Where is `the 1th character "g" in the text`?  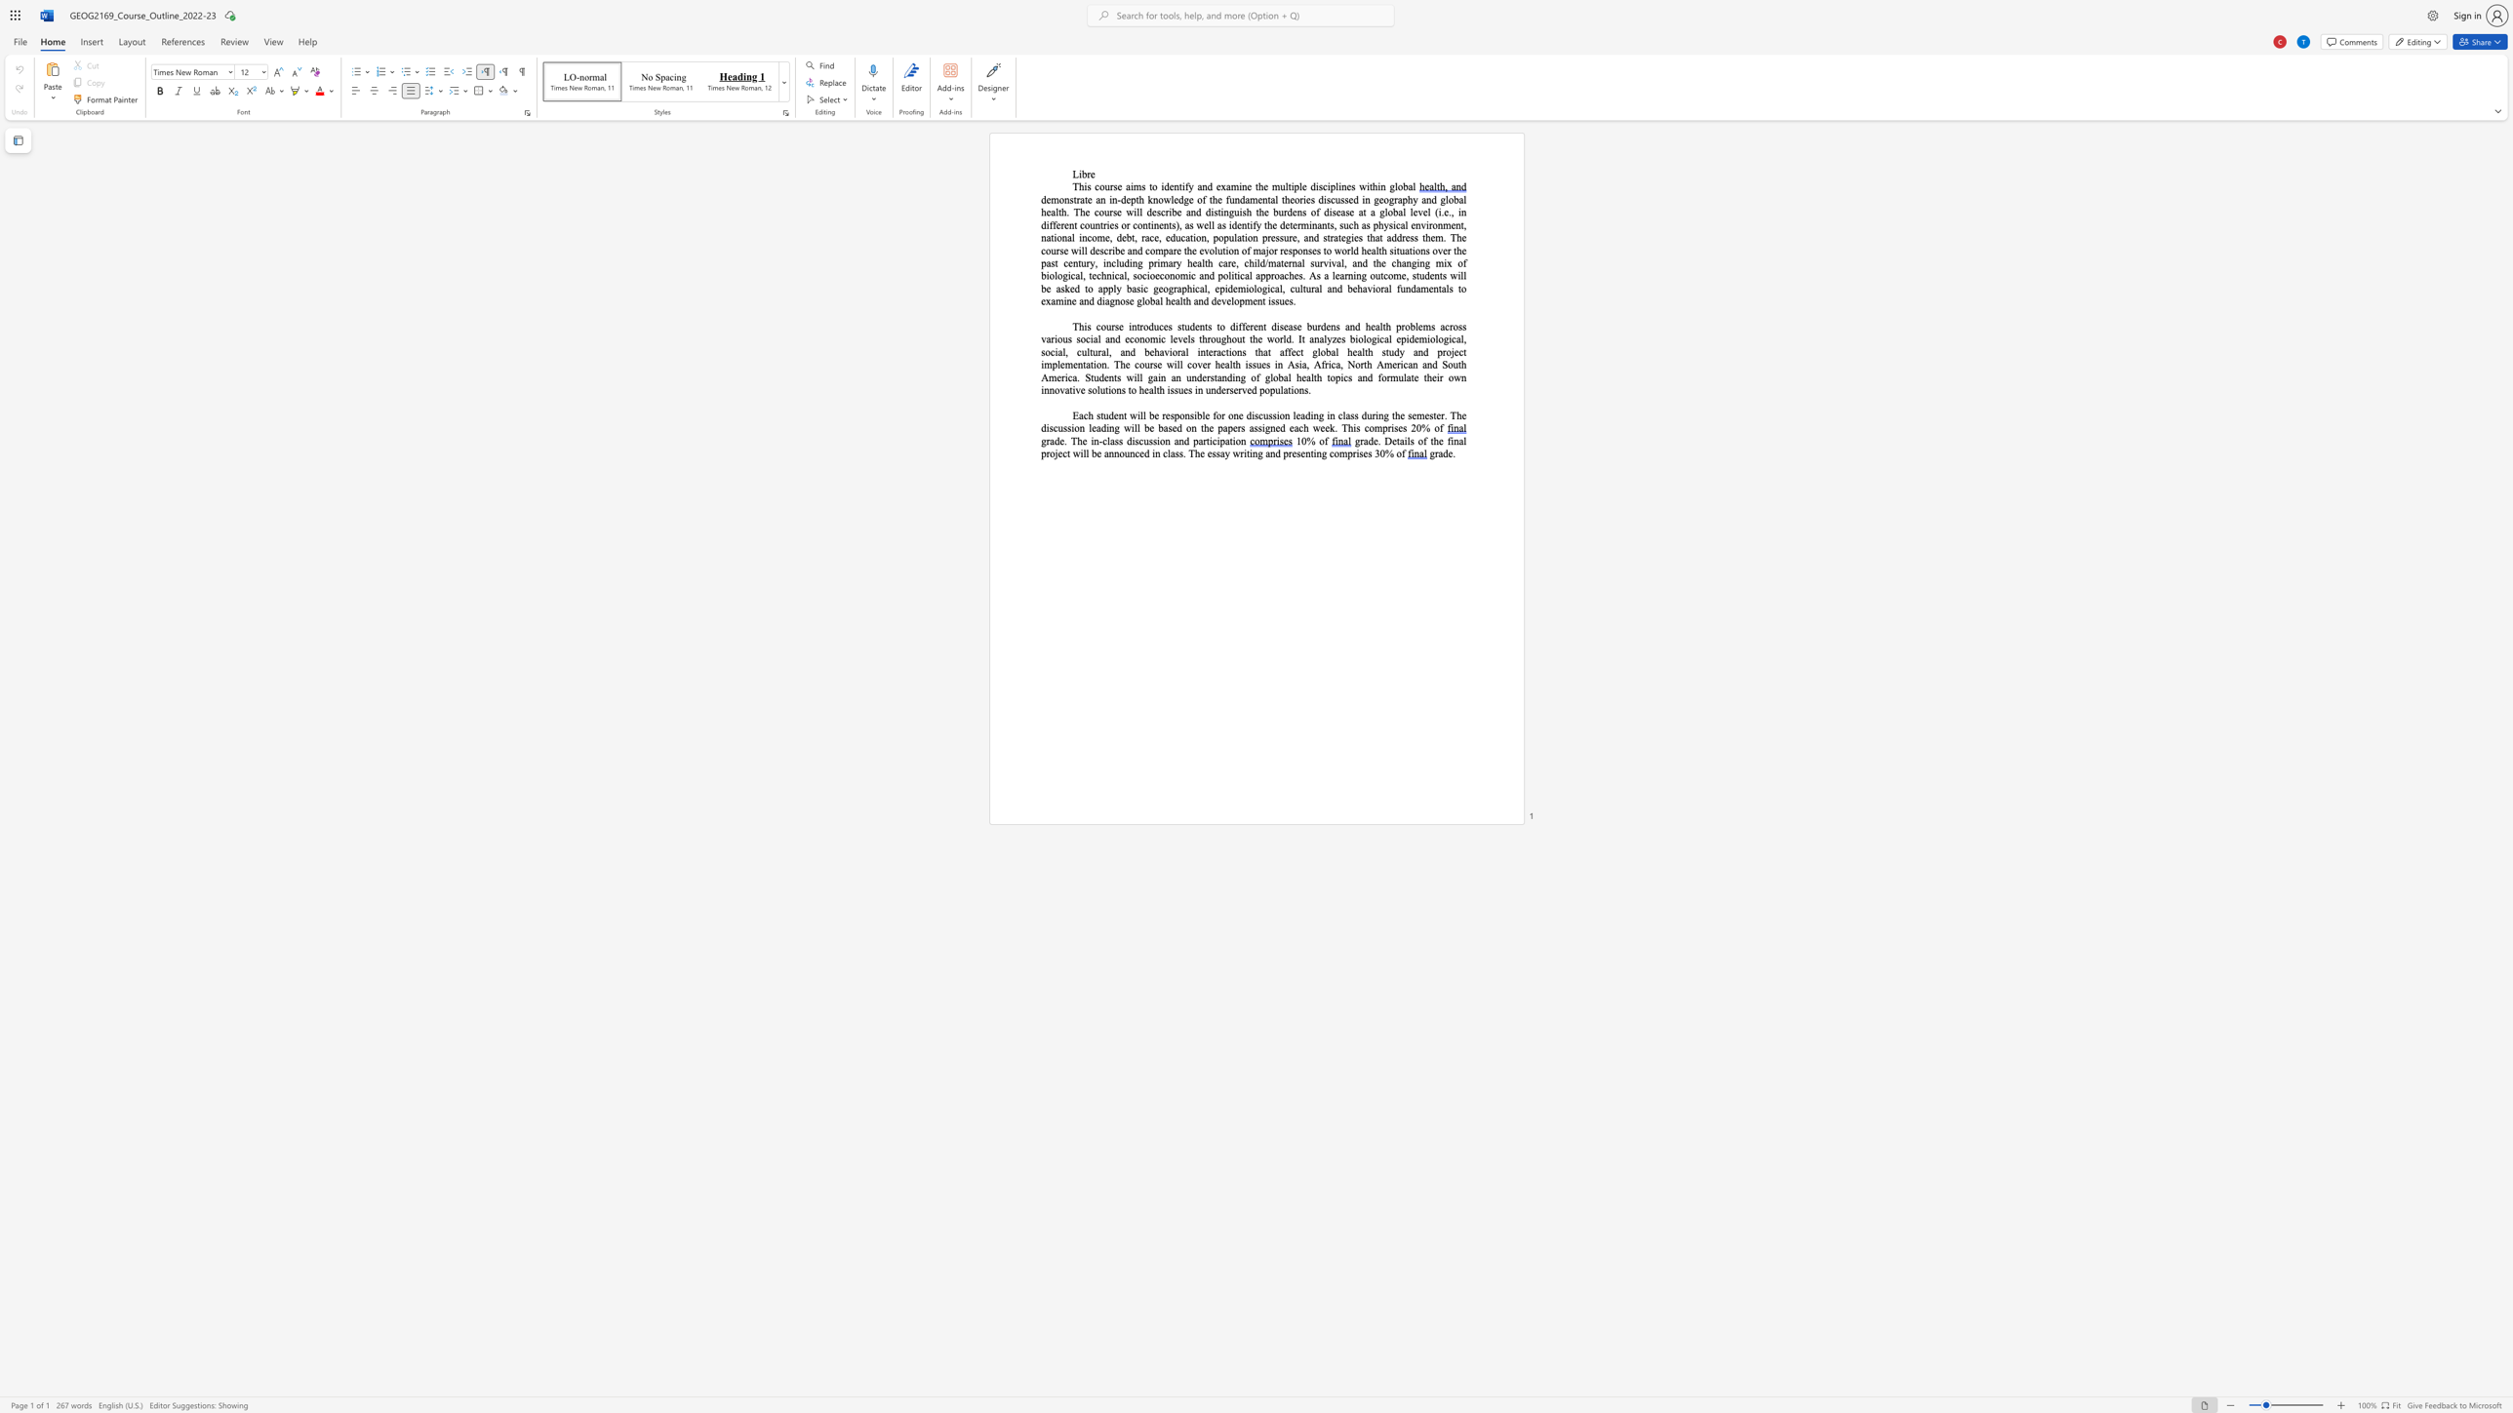 the 1th character "g" in the text is located at coordinates (1363, 275).